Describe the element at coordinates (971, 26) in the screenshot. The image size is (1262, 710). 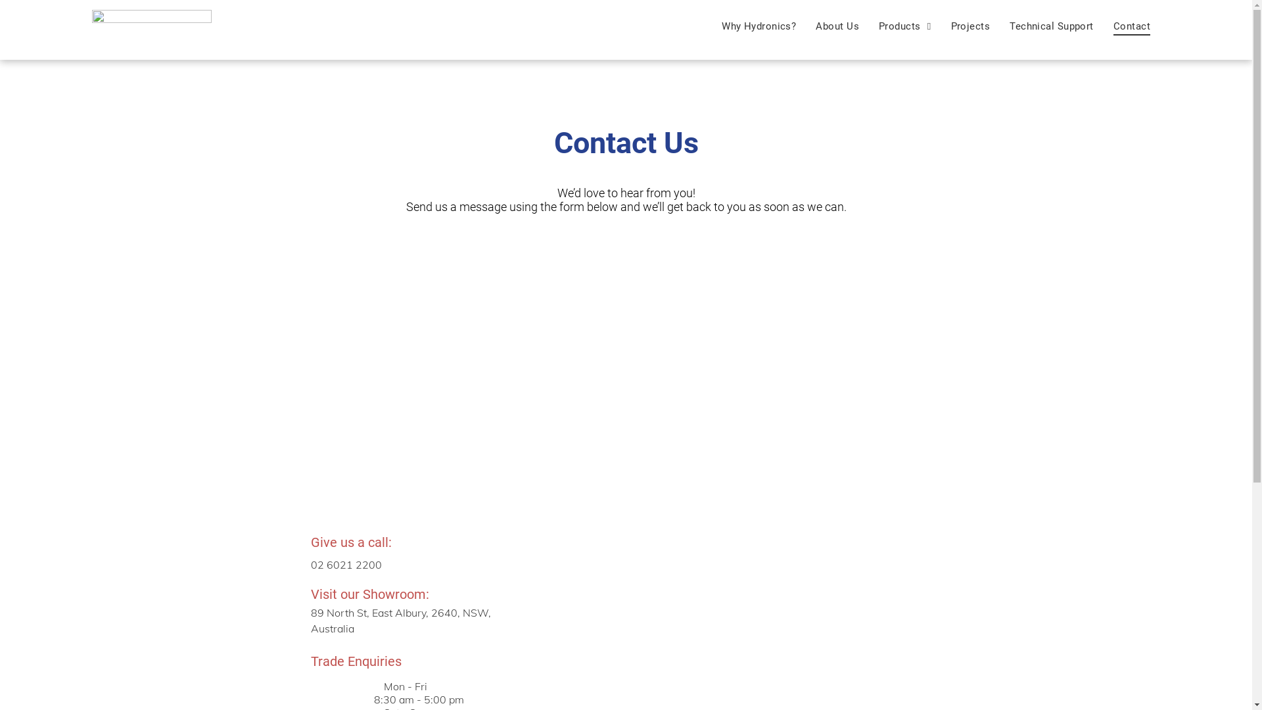
I see `'Projects'` at that location.